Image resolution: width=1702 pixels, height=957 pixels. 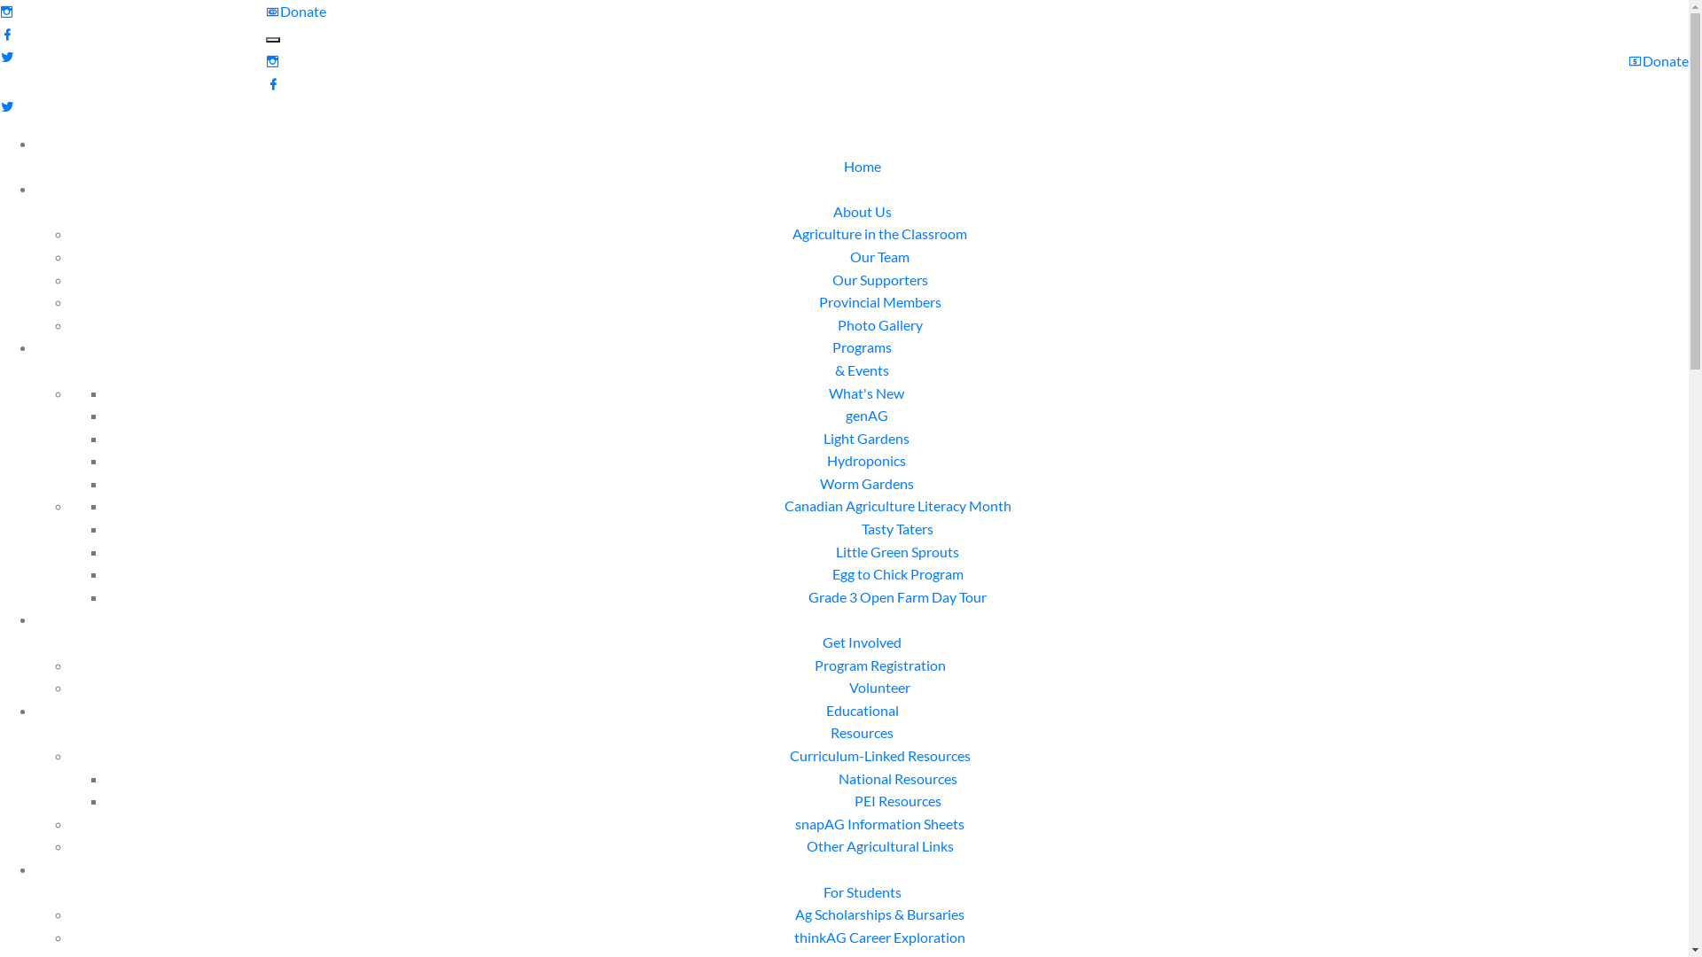 I want to click on 'Our Supporters', so click(x=879, y=279).